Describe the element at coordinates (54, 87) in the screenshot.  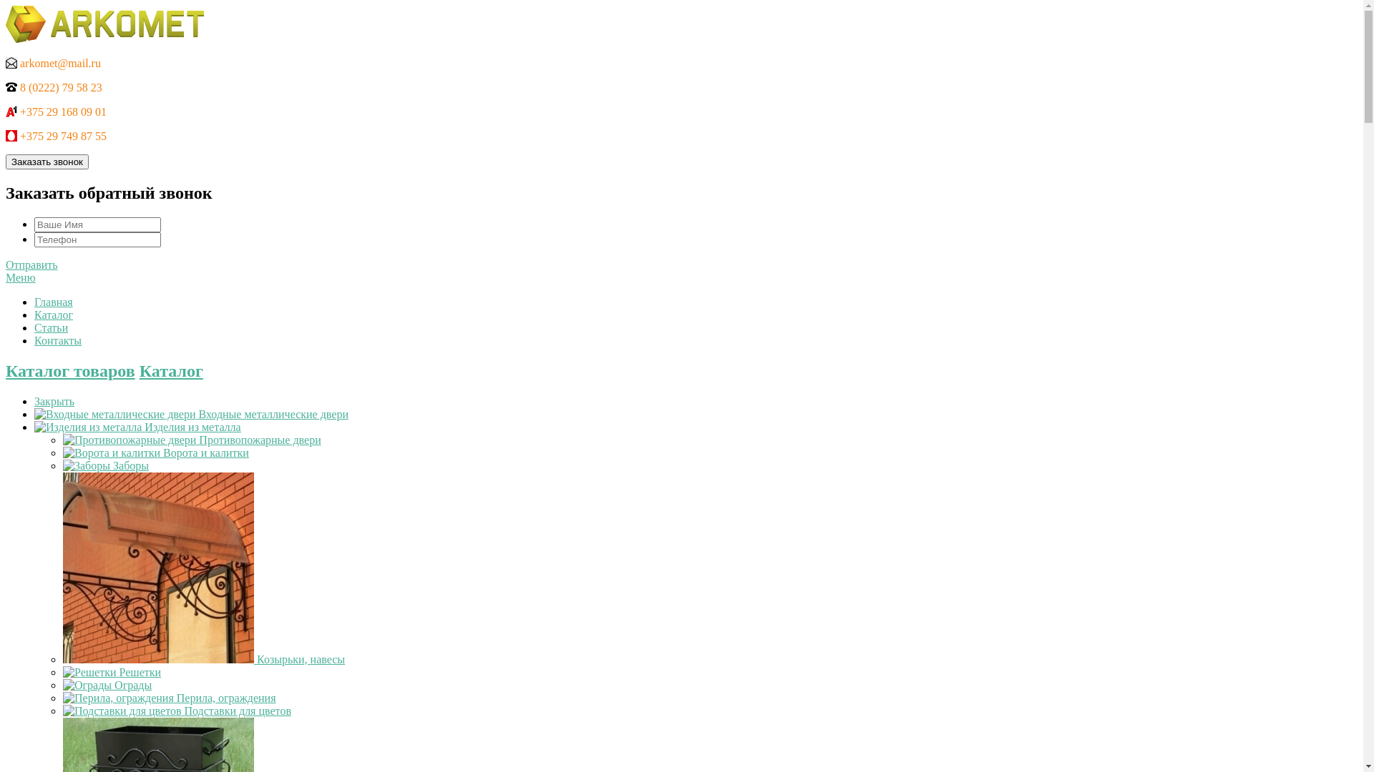
I see `'8 (0222) 79 58 23'` at that location.